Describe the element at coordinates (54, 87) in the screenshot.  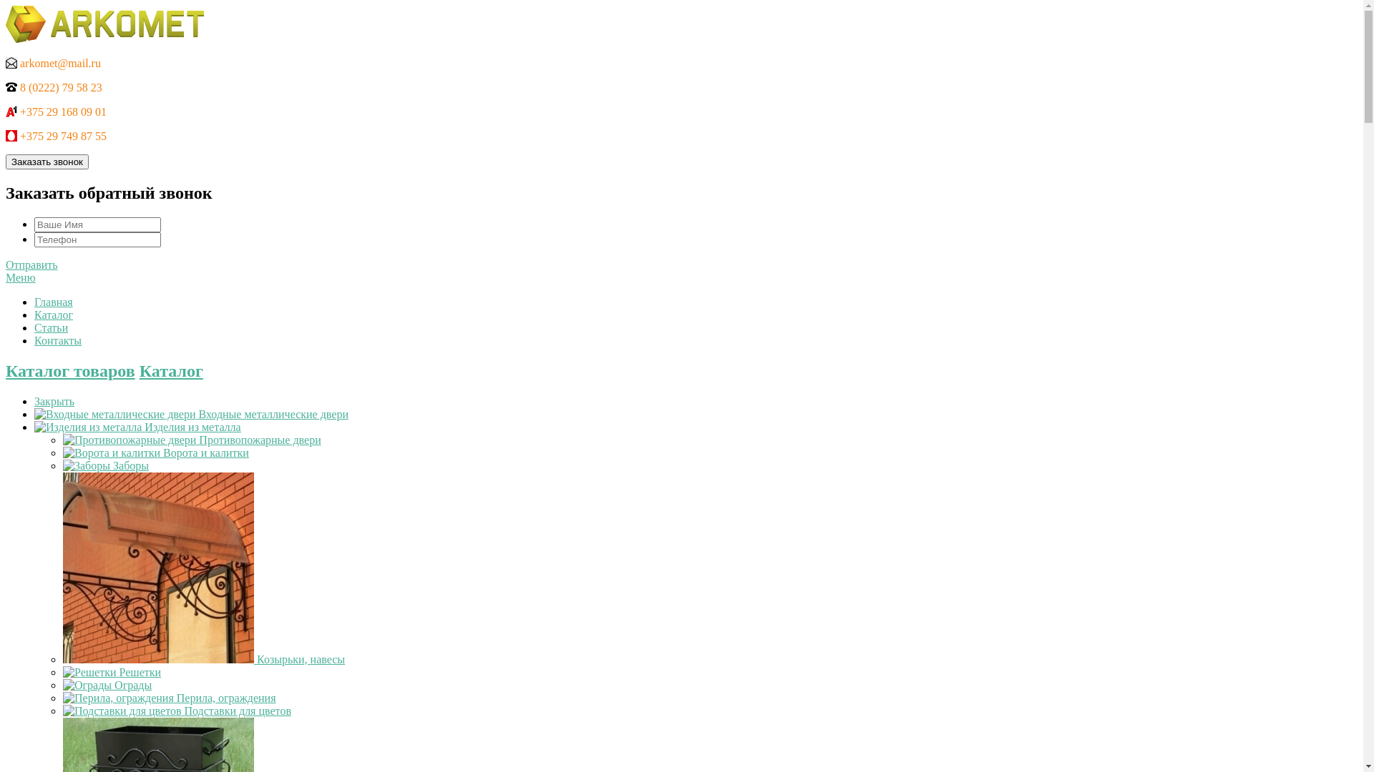
I see `'8 (0222) 79 58 23'` at that location.